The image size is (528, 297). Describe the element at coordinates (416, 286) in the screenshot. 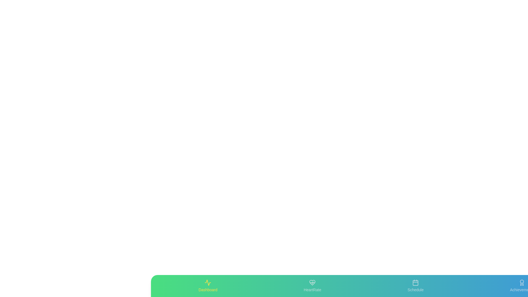

I see `the Schedule tab in the navigation bar` at that location.